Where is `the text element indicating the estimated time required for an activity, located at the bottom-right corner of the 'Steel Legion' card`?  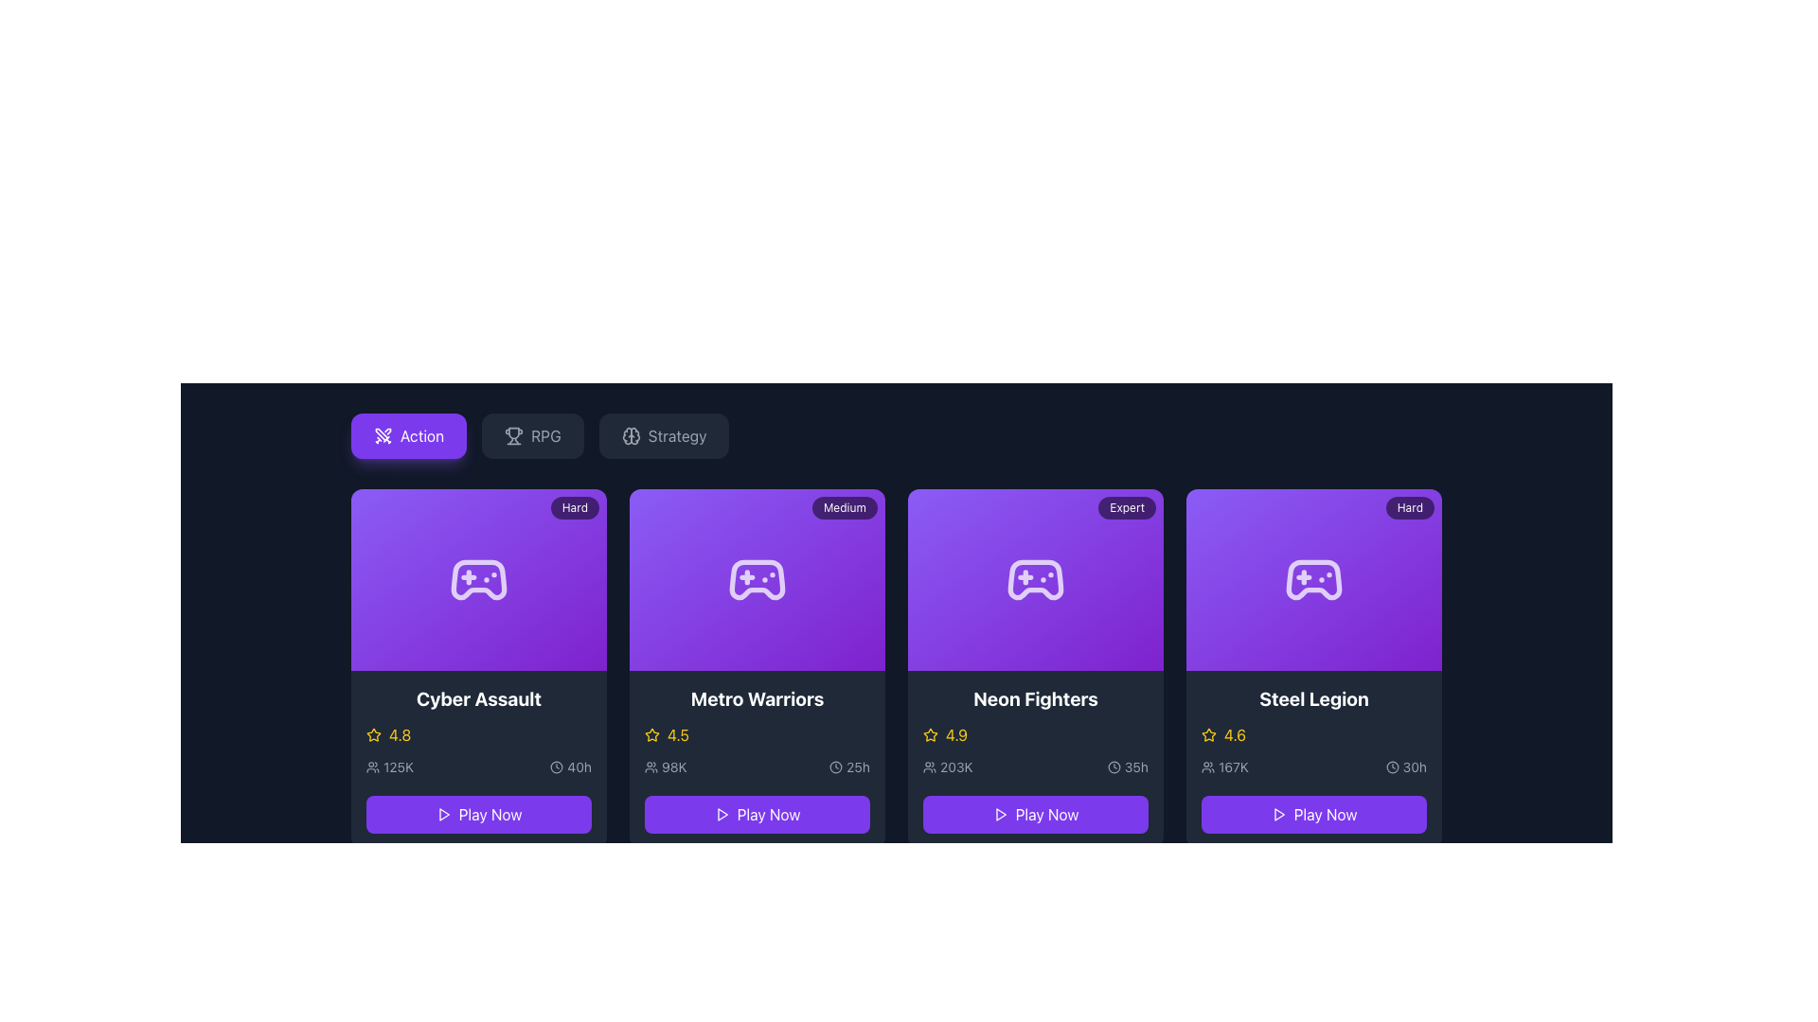 the text element indicating the estimated time required for an activity, located at the bottom-right corner of the 'Steel Legion' card is located at coordinates (1406, 766).